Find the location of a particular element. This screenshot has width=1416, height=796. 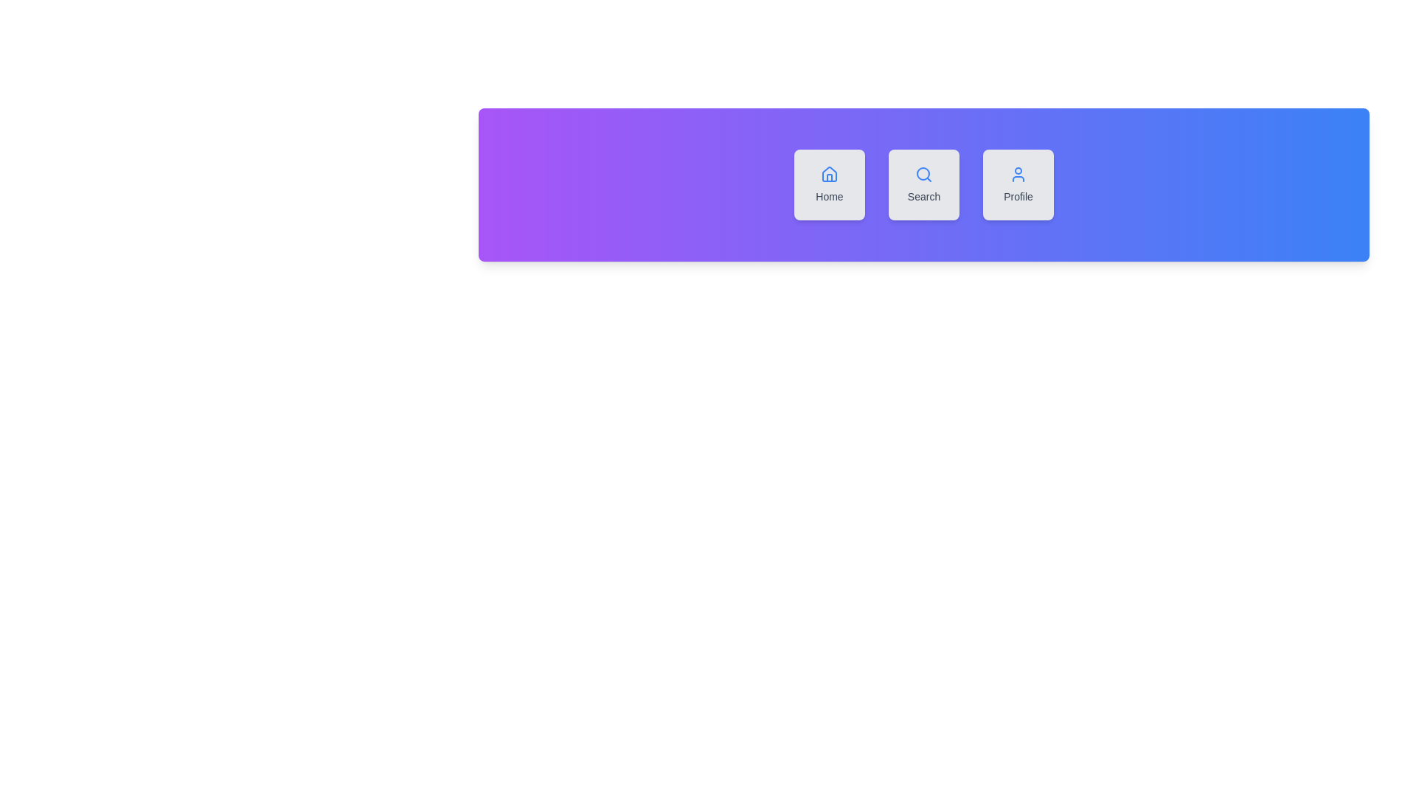

the 'Search' text label is located at coordinates (923, 195).